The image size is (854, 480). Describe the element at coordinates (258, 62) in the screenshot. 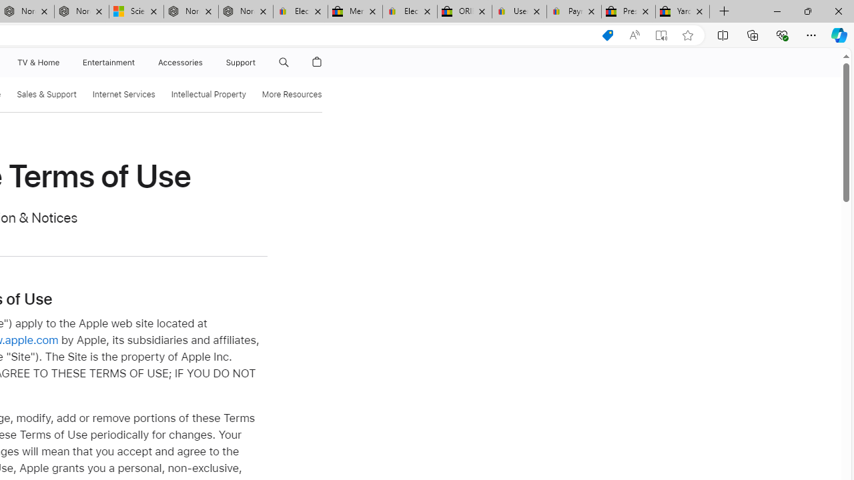

I see `'Class: globalnav-submenu-trigger-item'` at that location.